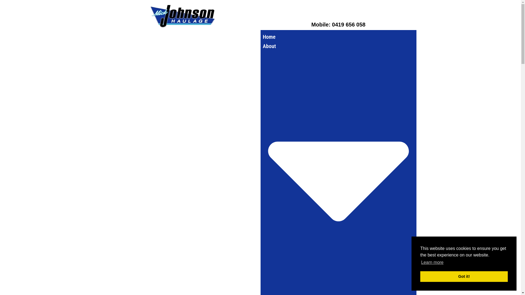 Image resolution: width=525 pixels, height=295 pixels. I want to click on 'Skip to content', so click(4, 11).